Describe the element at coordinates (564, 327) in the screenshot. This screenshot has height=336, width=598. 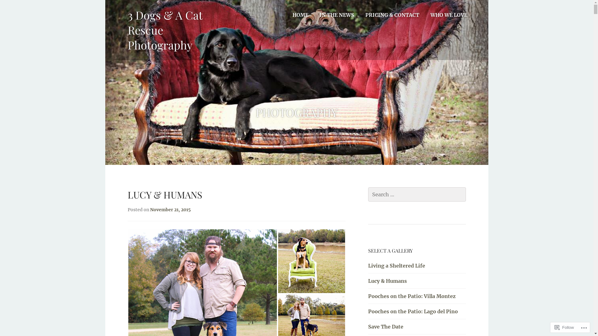
I see `'Follow'` at that location.